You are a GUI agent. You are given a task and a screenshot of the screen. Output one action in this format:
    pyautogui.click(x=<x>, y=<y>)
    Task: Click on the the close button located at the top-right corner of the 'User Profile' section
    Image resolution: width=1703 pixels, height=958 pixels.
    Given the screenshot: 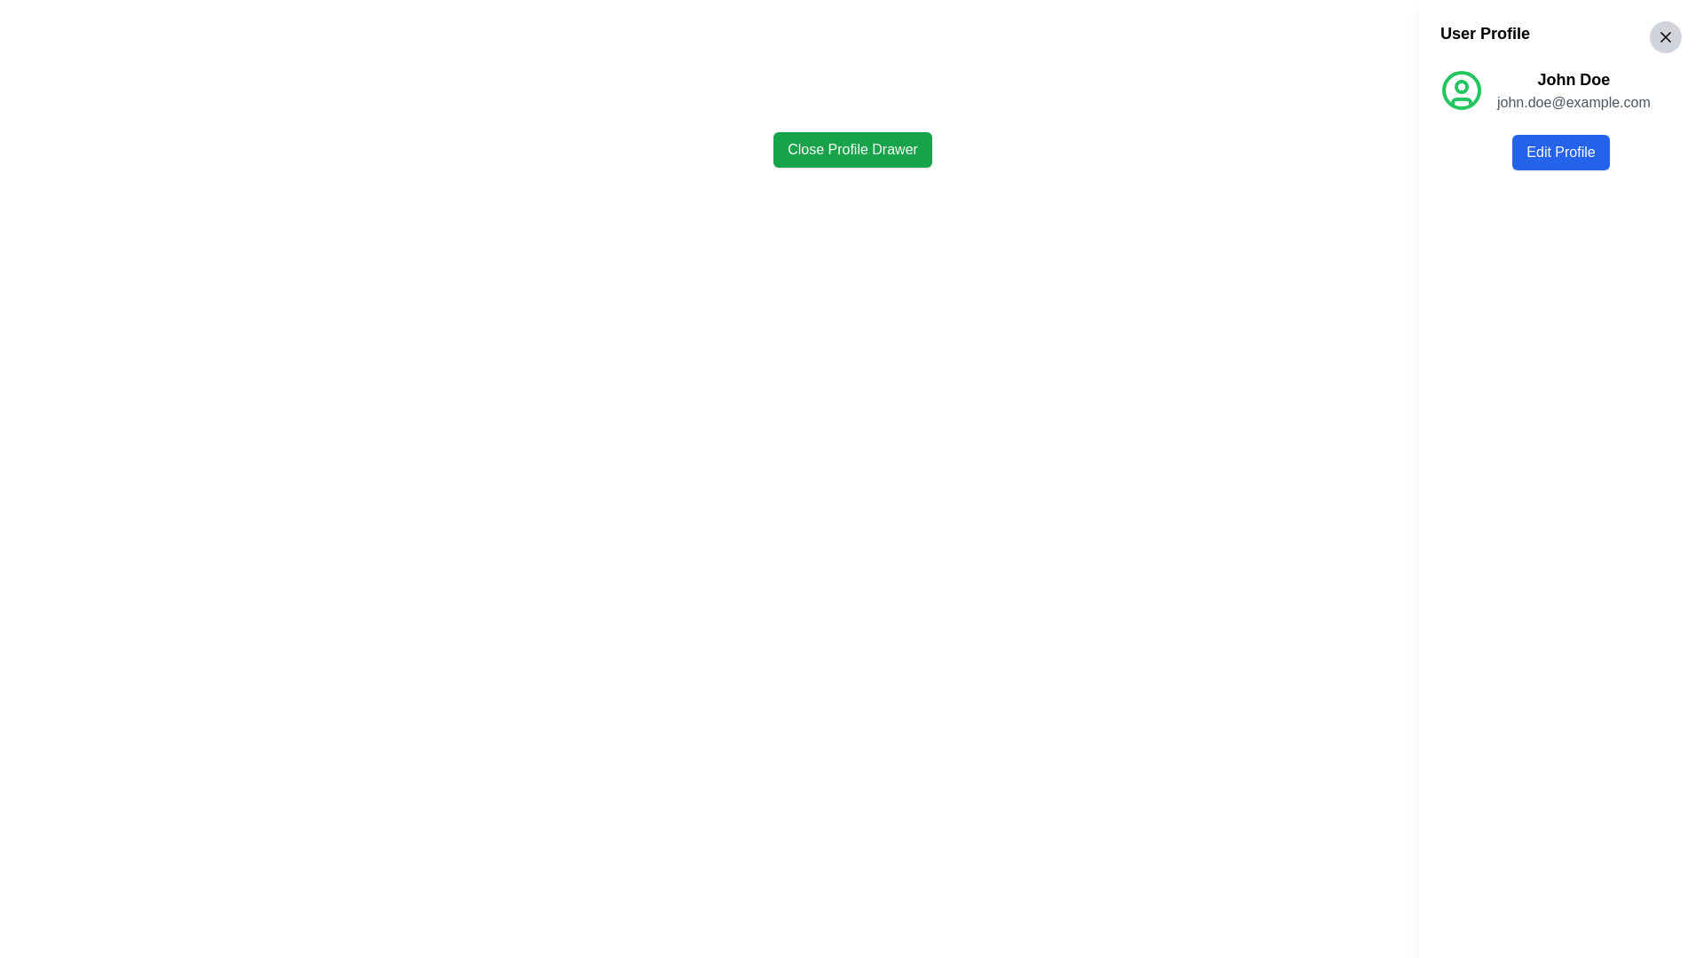 What is the action you would take?
    pyautogui.click(x=1664, y=37)
    